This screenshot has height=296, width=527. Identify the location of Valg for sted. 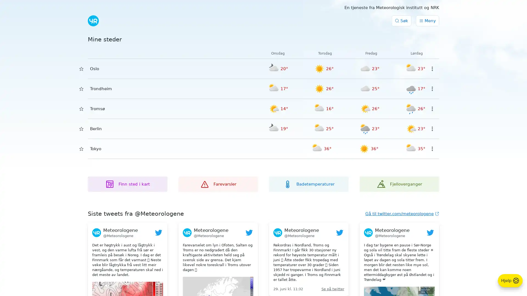
(432, 68).